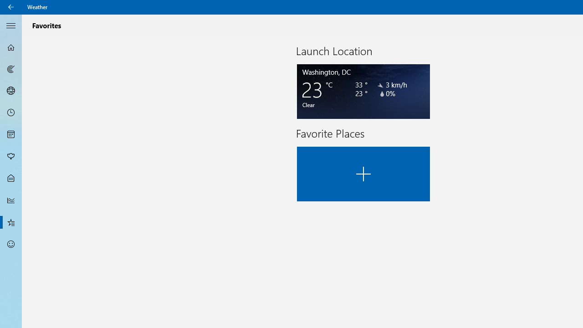 This screenshot has width=583, height=328. Describe the element at coordinates (363, 174) in the screenshot. I see `'Add to Favorites'` at that location.